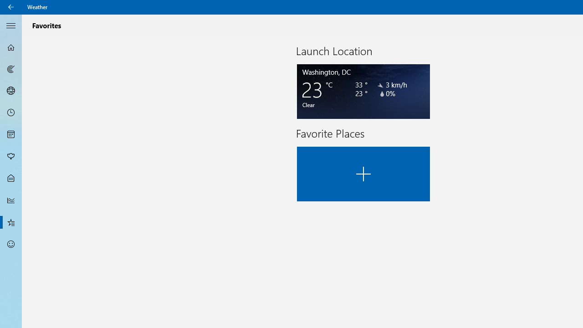 This screenshot has width=583, height=328. Describe the element at coordinates (363, 174) in the screenshot. I see `'Add to Favorites'` at that location.